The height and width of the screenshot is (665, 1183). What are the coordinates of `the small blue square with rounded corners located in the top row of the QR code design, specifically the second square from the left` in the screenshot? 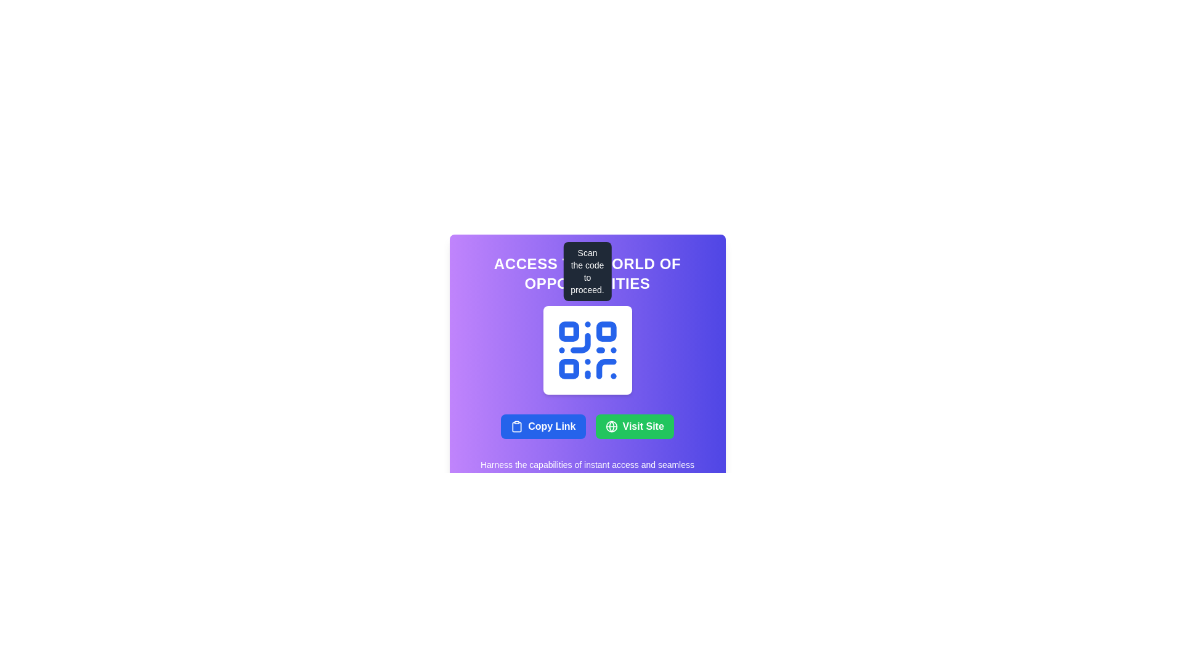 It's located at (606, 331).